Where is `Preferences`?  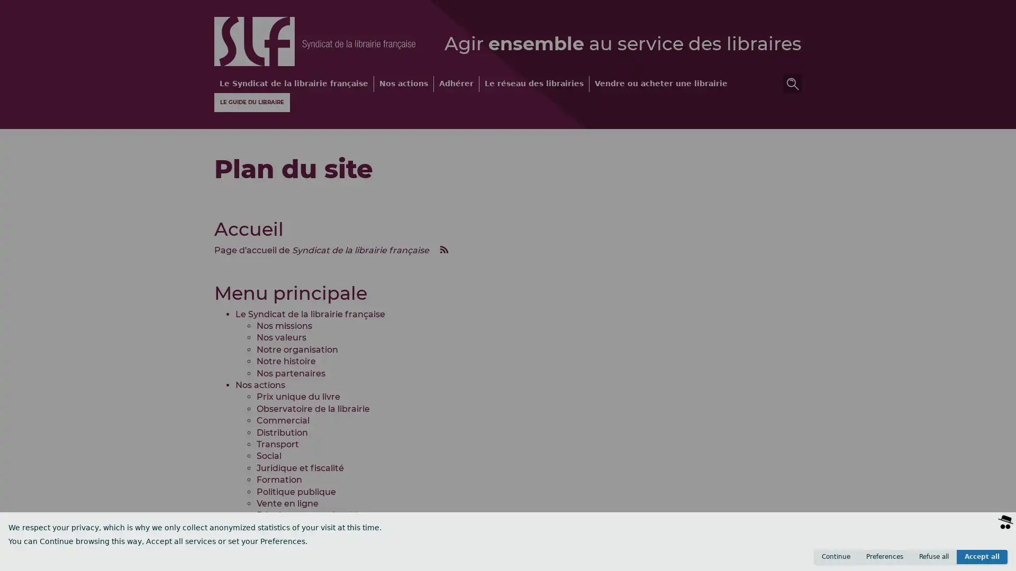 Preferences is located at coordinates (884, 556).